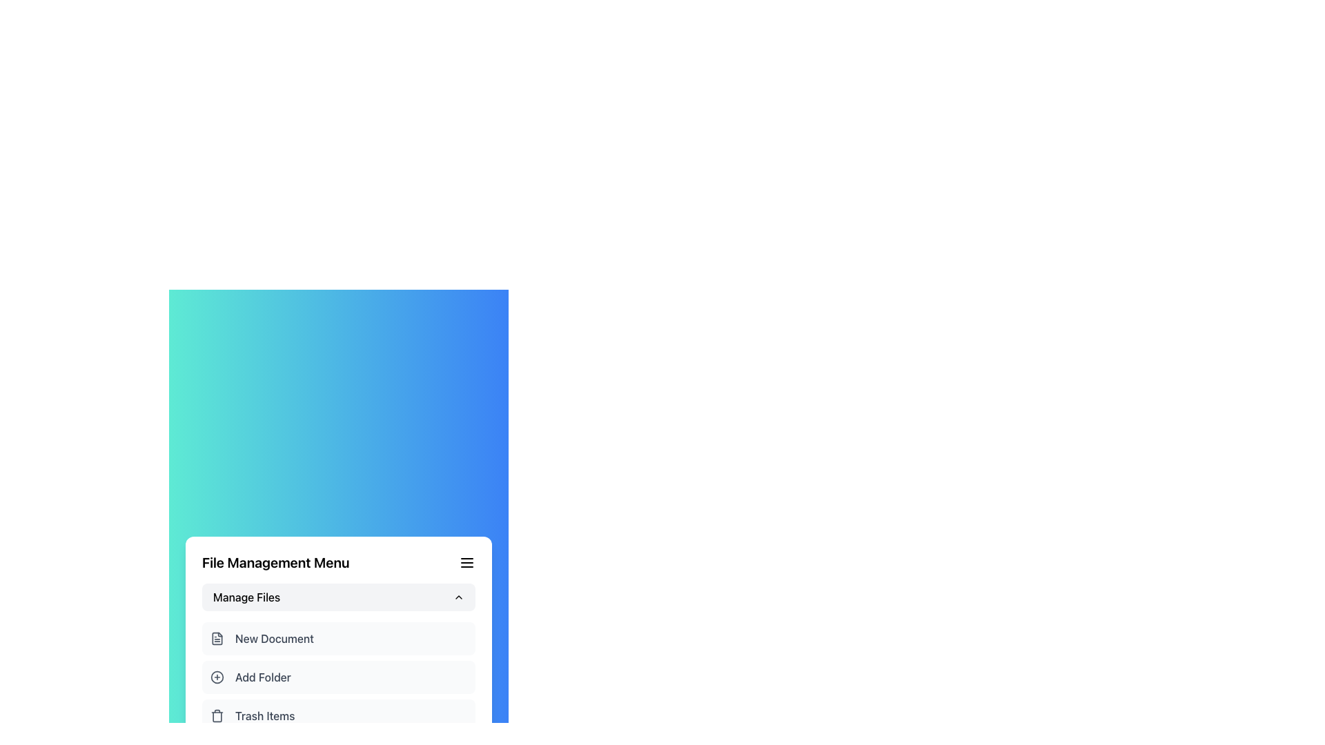 This screenshot has width=1325, height=745. I want to click on the 'Trash Items' button located as the third entry in the 'File Management Menu', positioned below 'Add Folder' and above 'Settings', so click(338, 715).